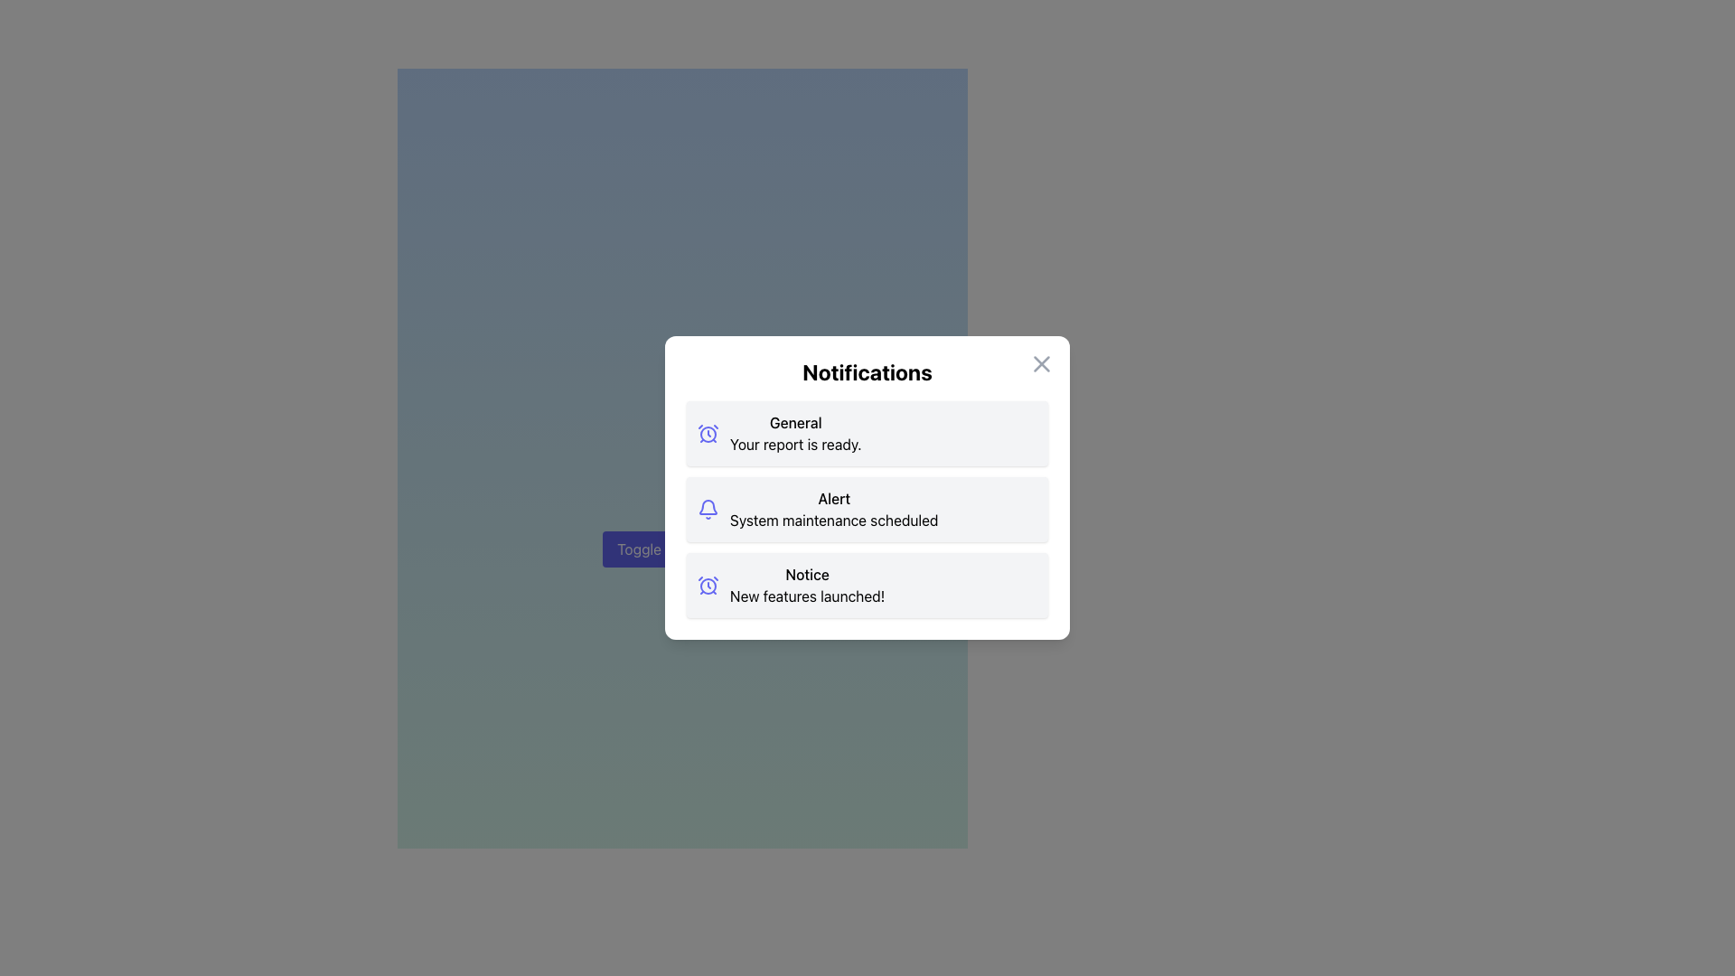 The image size is (1735, 976). I want to click on the decorative circle SVG element that represents the clock face within the clock icon in the last notification entry labeled 'Notice' at the bottom of the notifications list, so click(707, 586).